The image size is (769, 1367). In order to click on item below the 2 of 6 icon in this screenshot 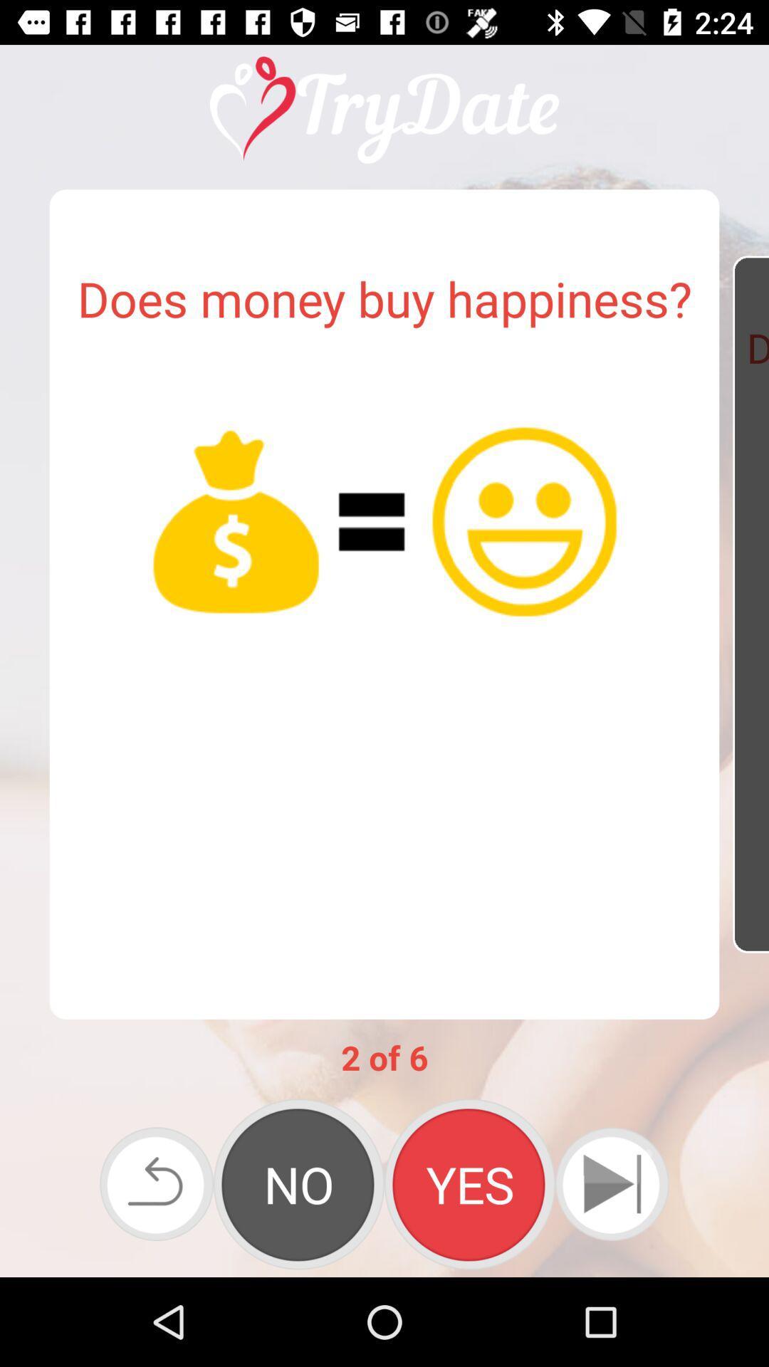, I will do `click(298, 1184)`.